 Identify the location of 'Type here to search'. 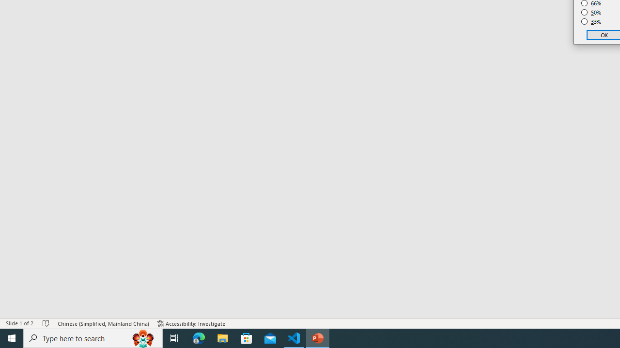
(93, 337).